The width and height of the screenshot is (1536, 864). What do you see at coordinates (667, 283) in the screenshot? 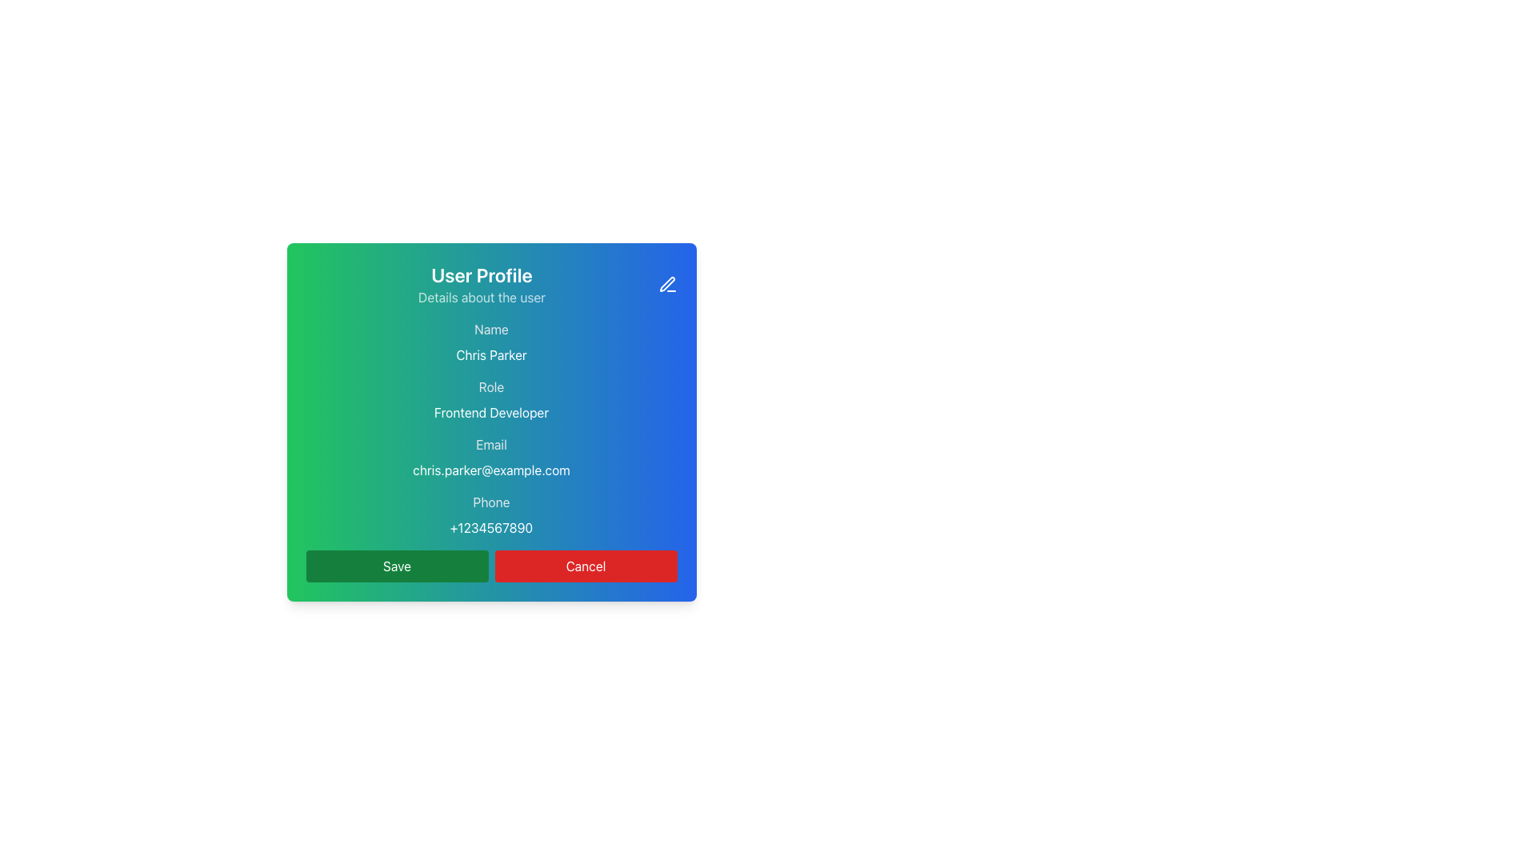
I see `the edit icon (Pen) located in the top-right corner of the User Profile panel` at bounding box center [667, 283].